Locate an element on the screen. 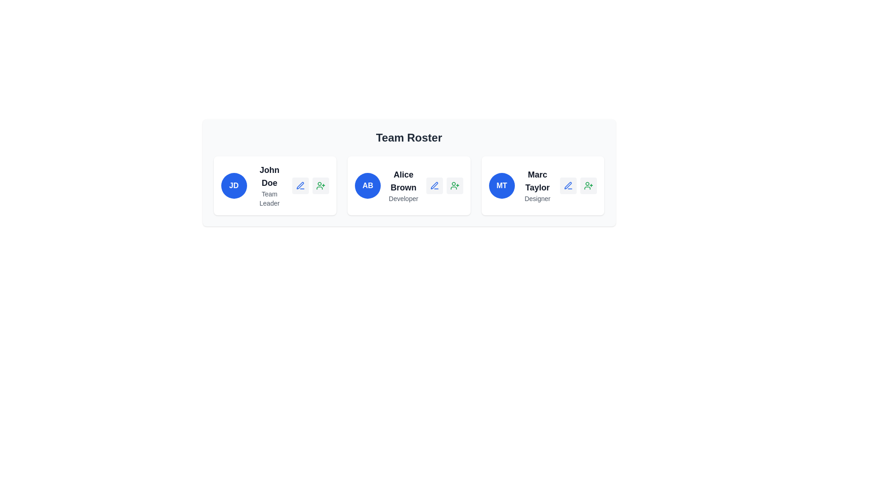 This screenshot has width=885, height=498. the text 'Alice Brown' displayed in bold and large black font located in the 'Team Roster' section above the 'Developer' text and below the circular blue icon labeled 'AB' to interact with associated functionalities is located at coordinates (403, 181).